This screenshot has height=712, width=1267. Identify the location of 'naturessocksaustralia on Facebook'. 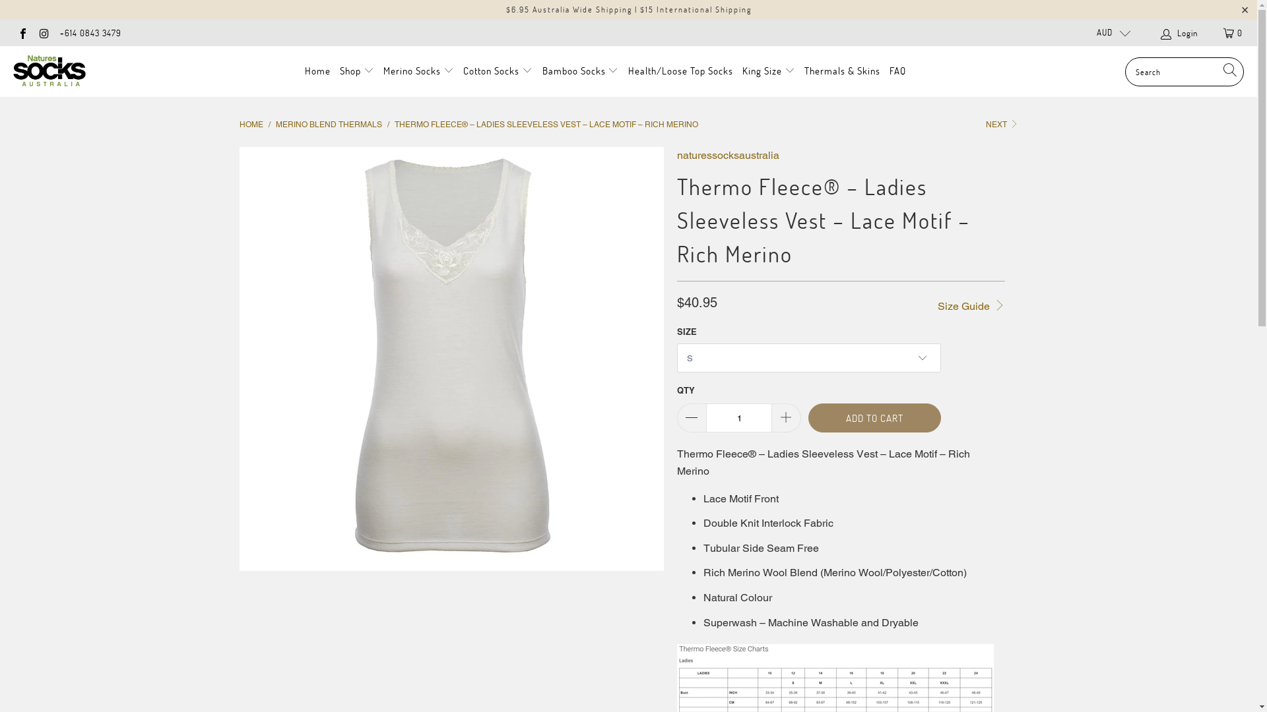
(22, 32).